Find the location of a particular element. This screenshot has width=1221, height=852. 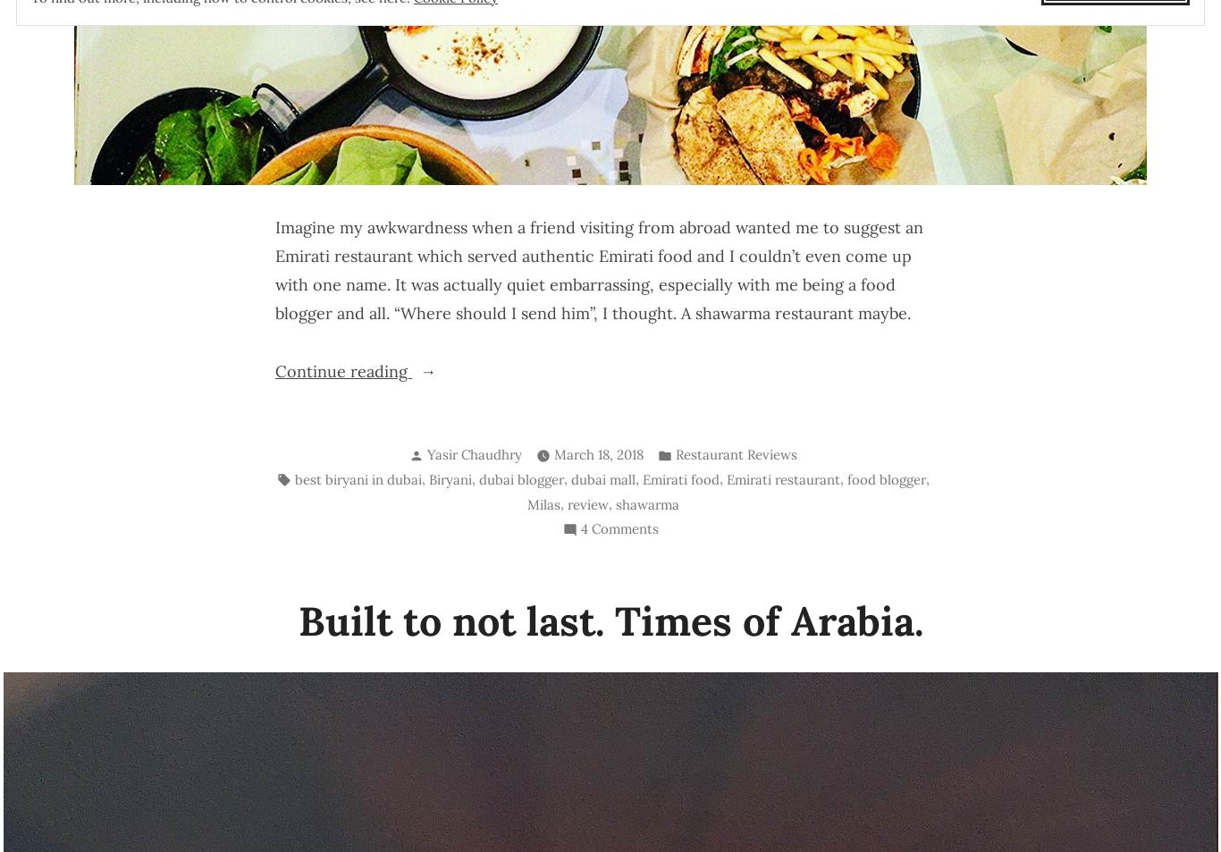

'review' is located at coordinates (587, 503).